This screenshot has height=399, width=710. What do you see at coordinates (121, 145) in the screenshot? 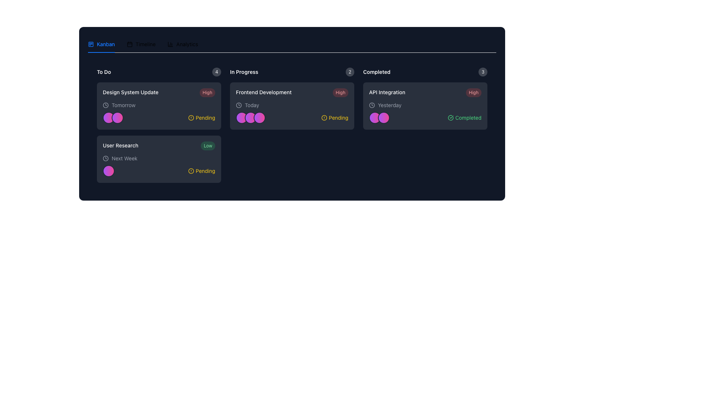
I see `the text label indicating the name of a task or category within the 'To Do' list if it is enabled` at bounding box center [121, 145].